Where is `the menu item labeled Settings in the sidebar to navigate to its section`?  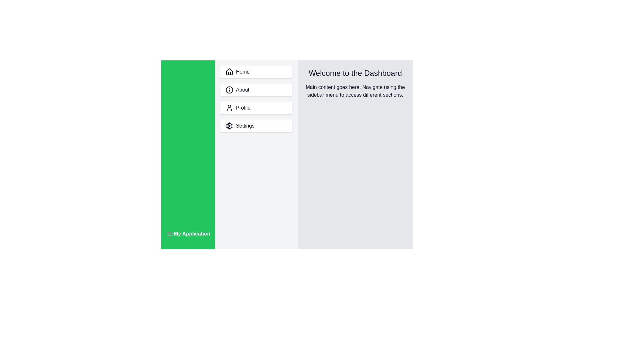 the menu item labeled Settings in the sidebar to navigate to its section is located at coordinates (256, 126).